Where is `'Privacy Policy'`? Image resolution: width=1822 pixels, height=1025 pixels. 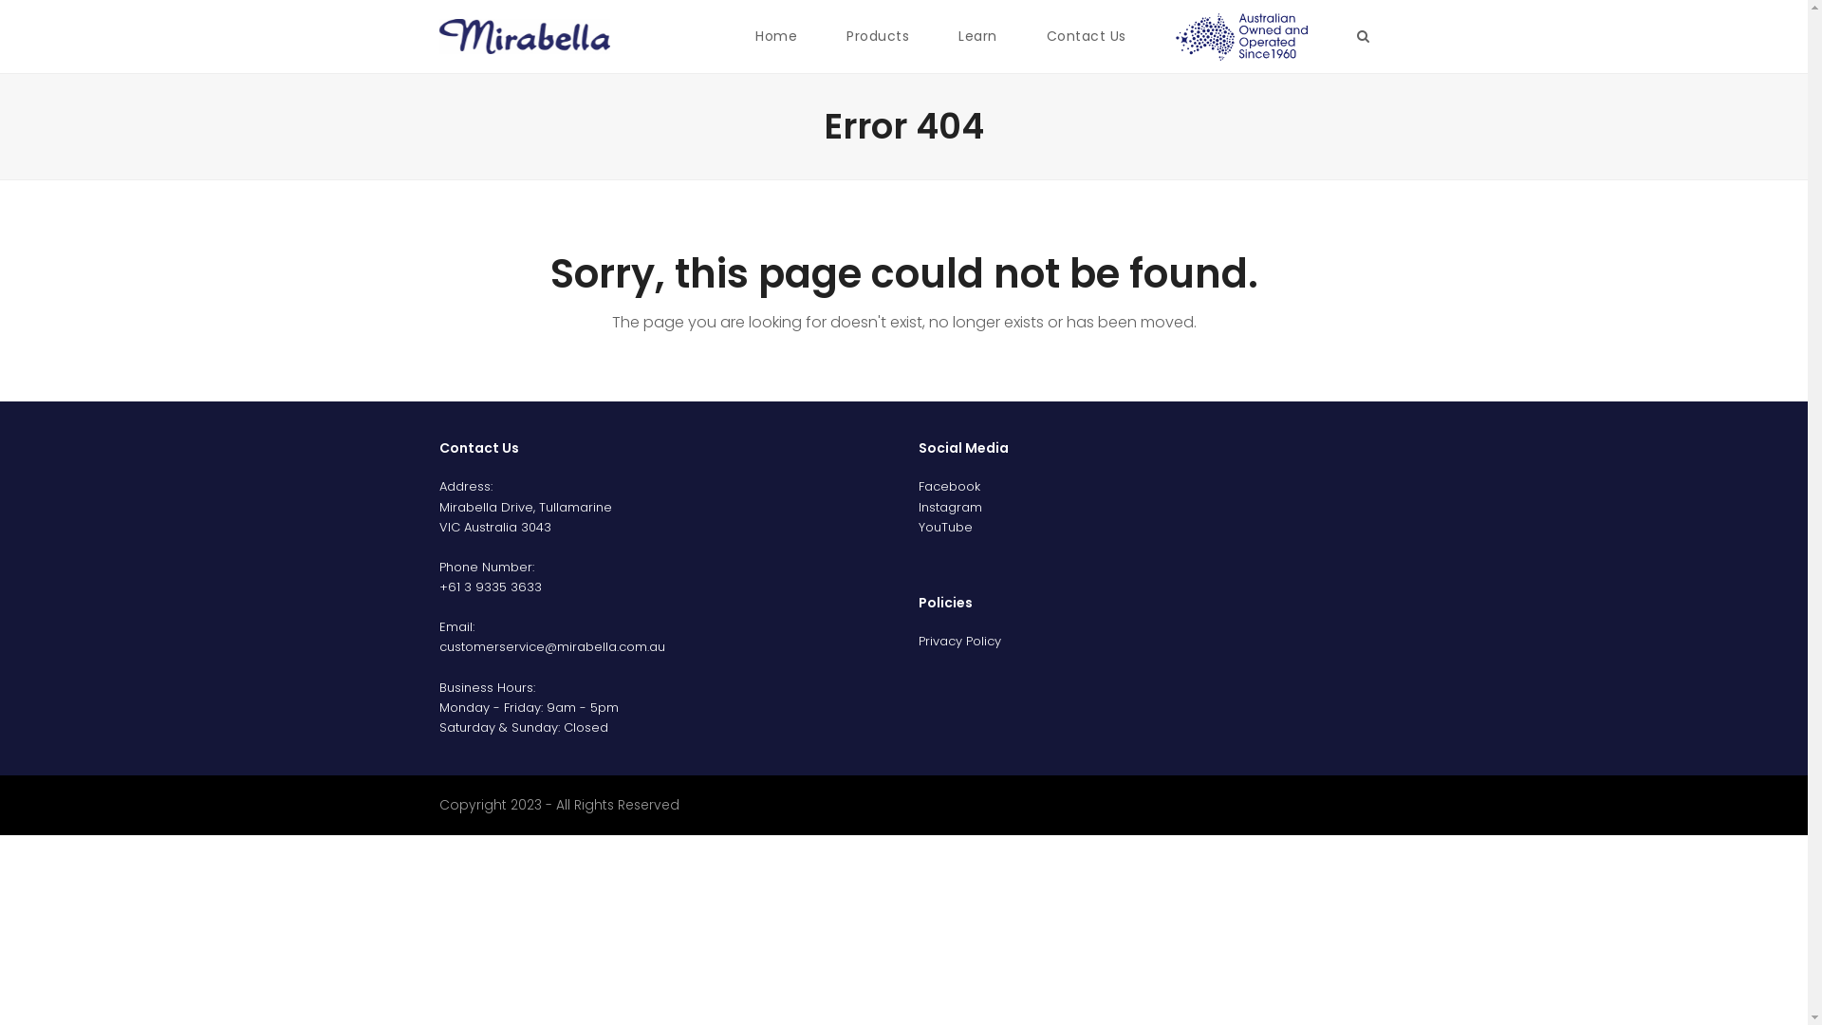 'Privacy Policy' is located at coordinates (959, 641).